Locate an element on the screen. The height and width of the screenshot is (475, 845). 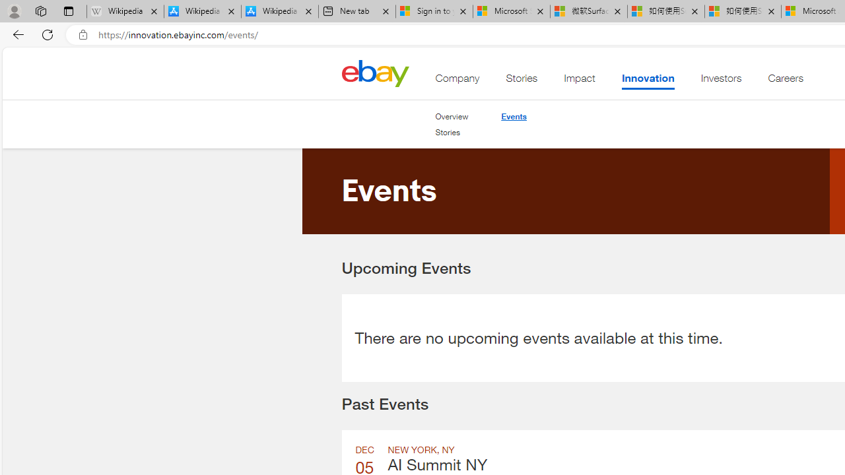
'Impact' is located at coordinates (580, 81).